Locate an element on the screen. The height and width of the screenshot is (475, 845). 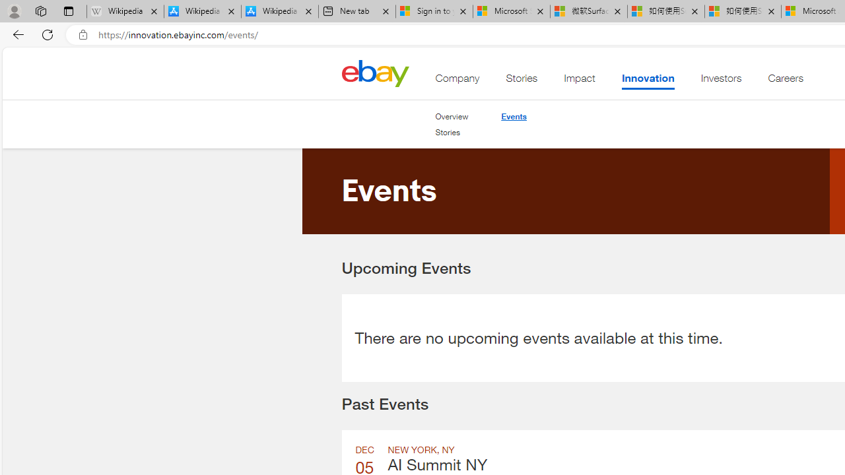
'Impact' is located at coordinates (580, 81).